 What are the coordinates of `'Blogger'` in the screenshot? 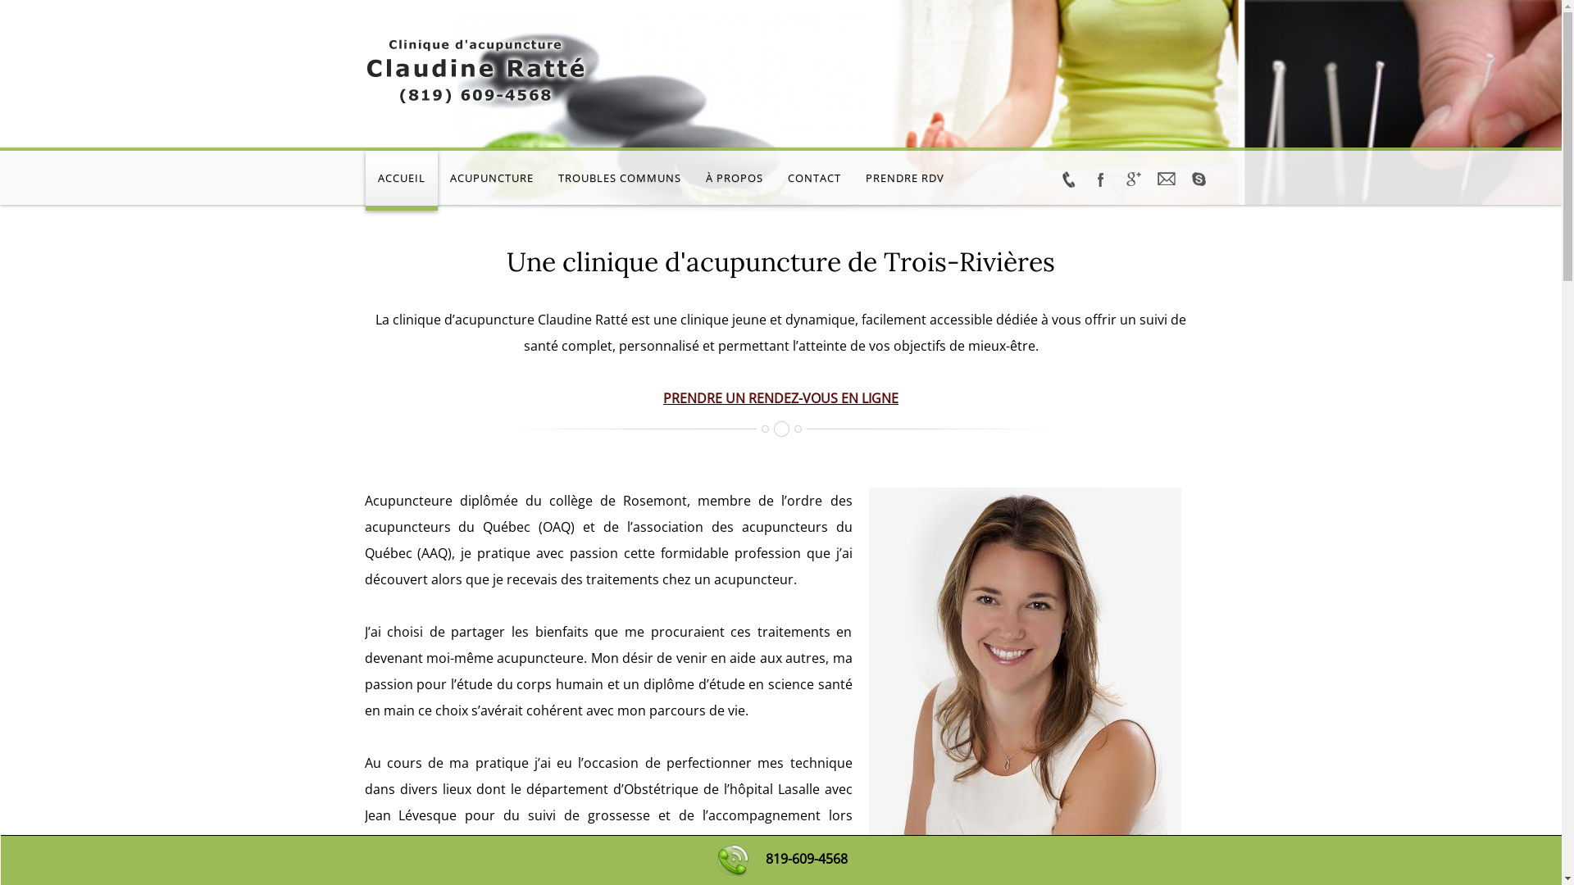 It's located at (1148, 179).